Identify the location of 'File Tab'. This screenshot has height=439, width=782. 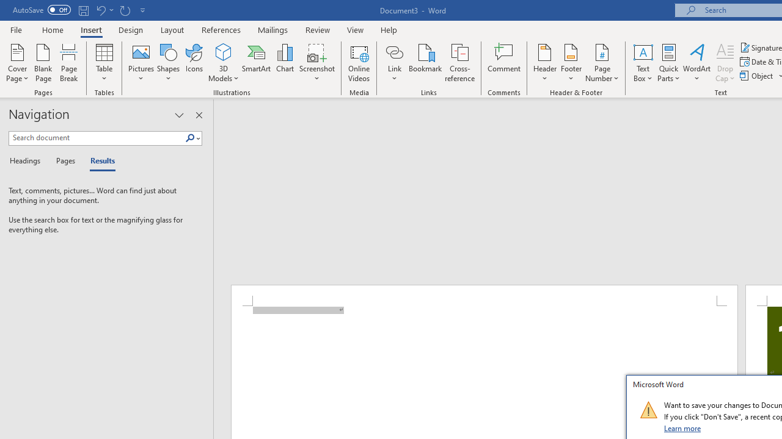
(16, 29).